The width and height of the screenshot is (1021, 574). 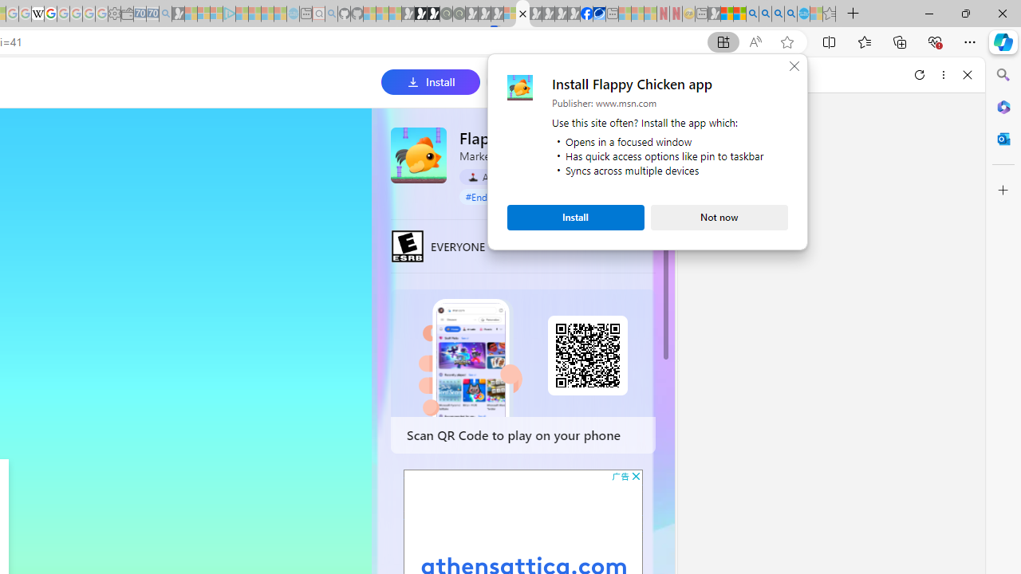 What do you see at coordinates (719, 217) in the screenshot?
I see `'Not now'` at bounding box center [719, 217].